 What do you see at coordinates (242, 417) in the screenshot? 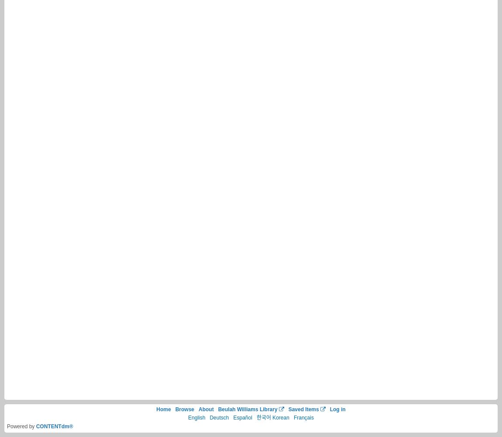
I see `'Español'` at bounding box center [242, 417].